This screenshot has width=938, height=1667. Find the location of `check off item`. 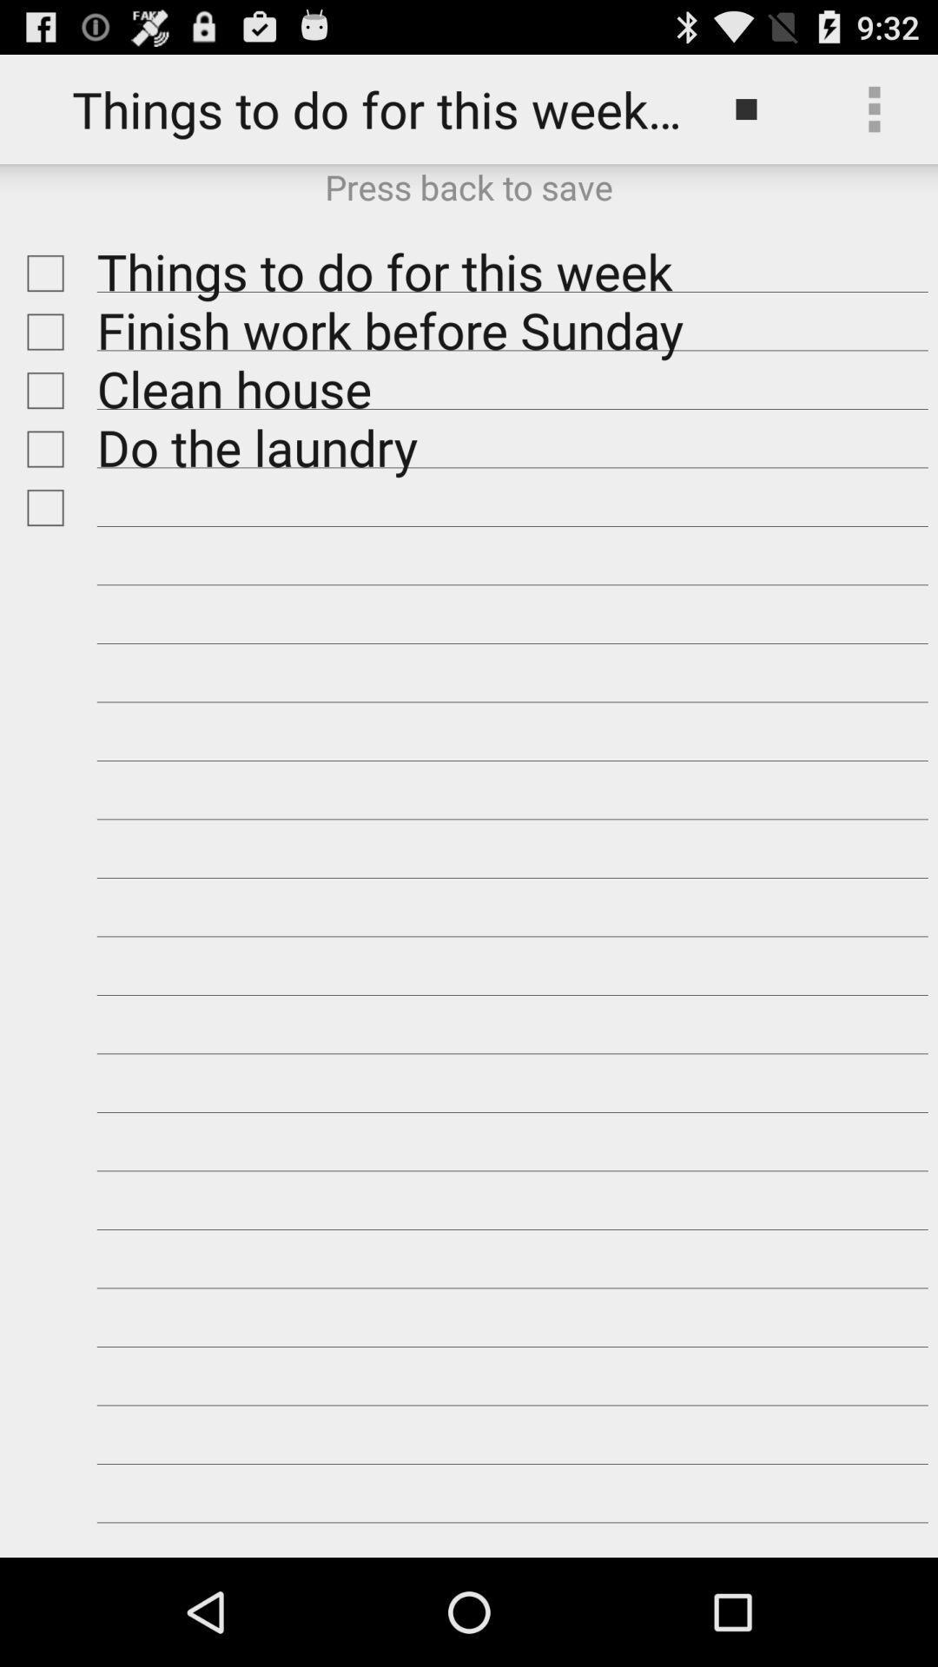

check off item is located at coordinates (40, 390).